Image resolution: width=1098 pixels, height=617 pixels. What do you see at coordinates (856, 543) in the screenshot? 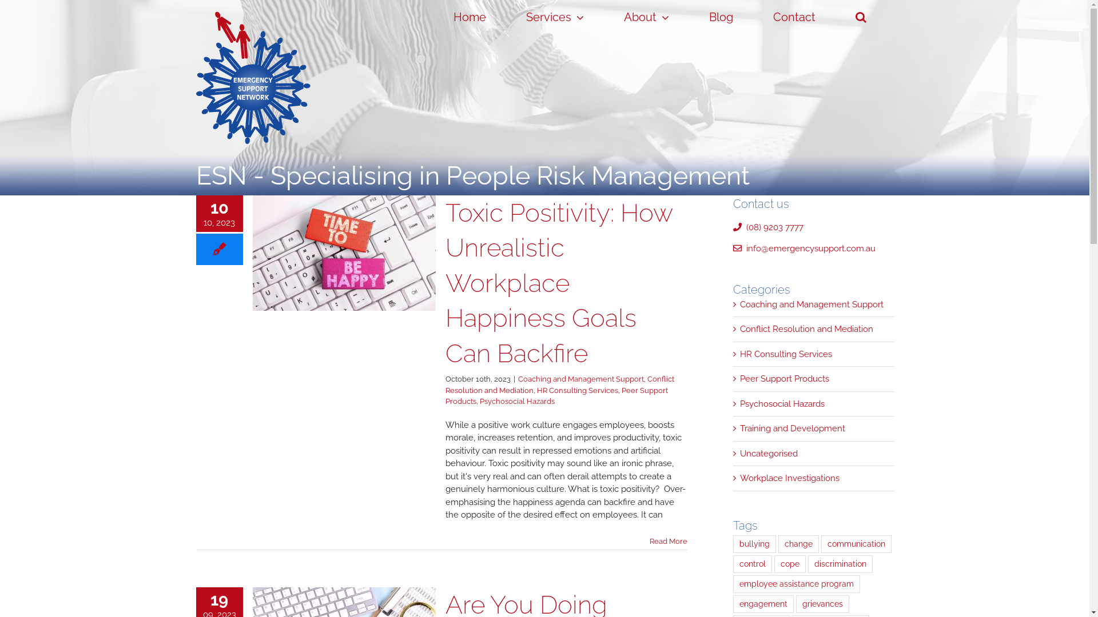
I see `'communication'` at bounding box center [856, 543].